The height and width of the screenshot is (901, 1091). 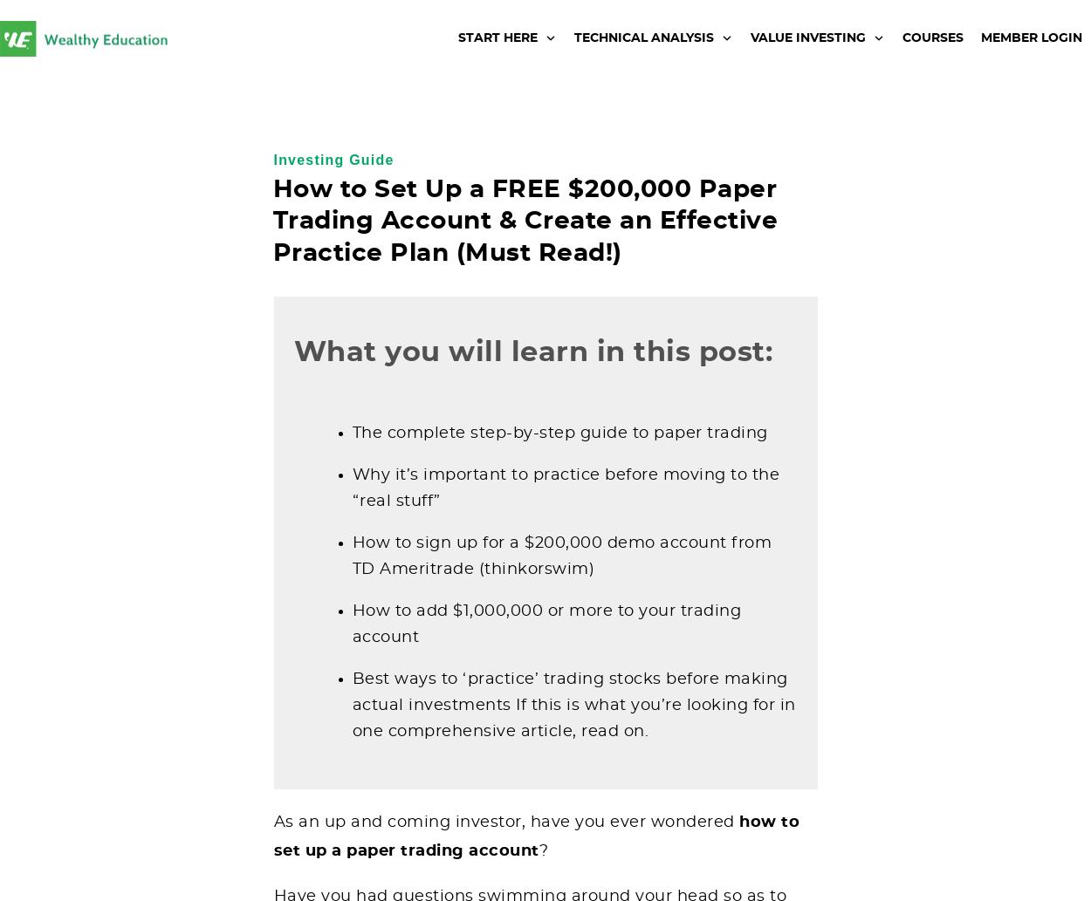 I want to click on 'How to Set Up a FREE $200,000 Paper Trading Account & Create an Effective Practice Plan (Must Read!)', so click(x=524, y=220).